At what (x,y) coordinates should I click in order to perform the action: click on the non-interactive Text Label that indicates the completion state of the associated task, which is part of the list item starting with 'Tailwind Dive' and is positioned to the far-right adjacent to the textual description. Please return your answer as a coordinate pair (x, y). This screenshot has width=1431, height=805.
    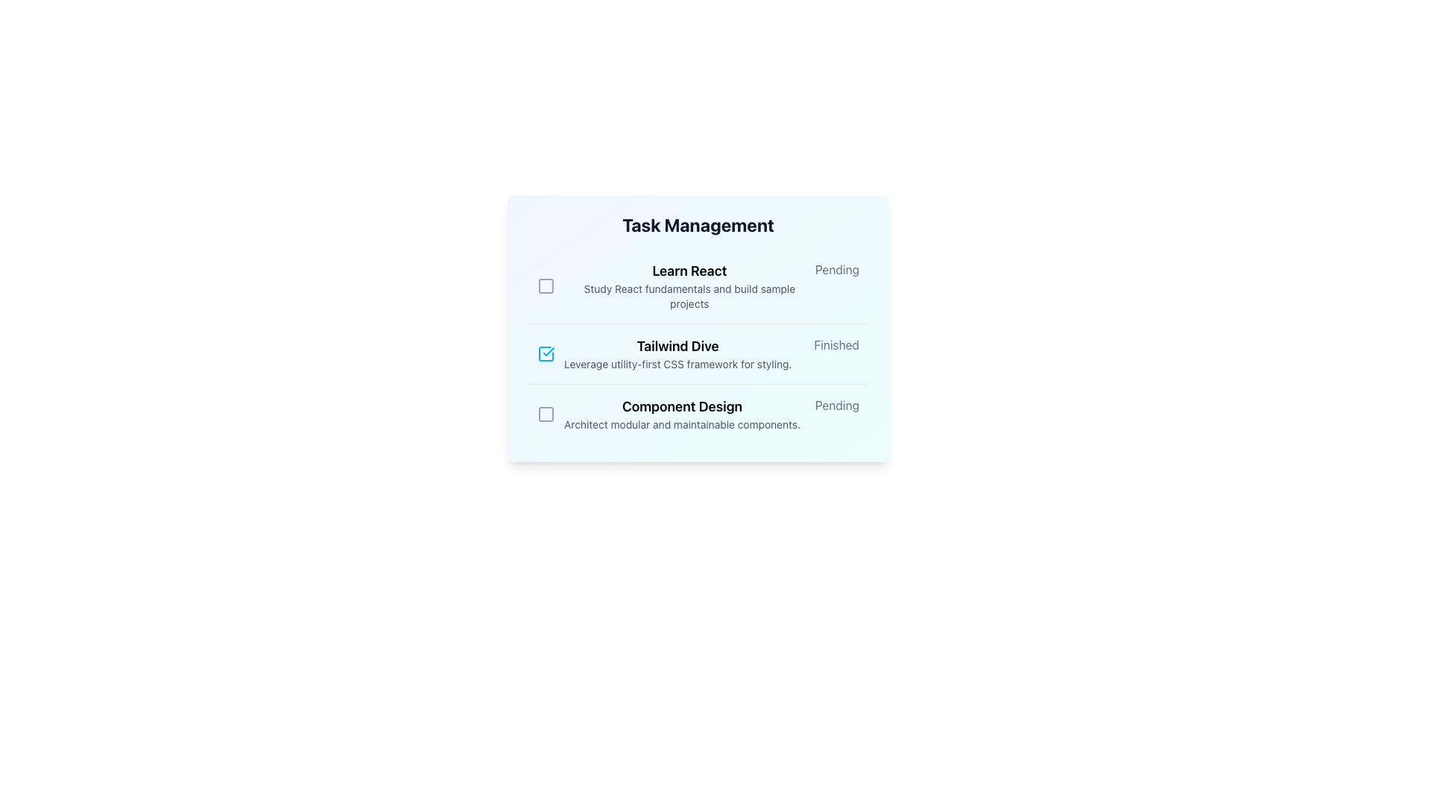
    Looking at the image, I should click on (836, 344).